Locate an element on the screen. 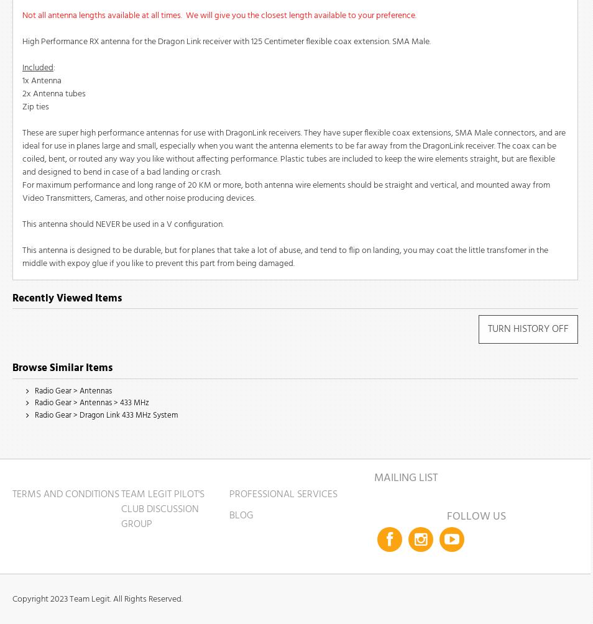 The height and width of the screenshot is (624, 593). 'High Performance RX antenna for the Dragon Link receiver with 125 Centimeter flexible coax extension. SMA Male.' is located at coordinates (21, 41).